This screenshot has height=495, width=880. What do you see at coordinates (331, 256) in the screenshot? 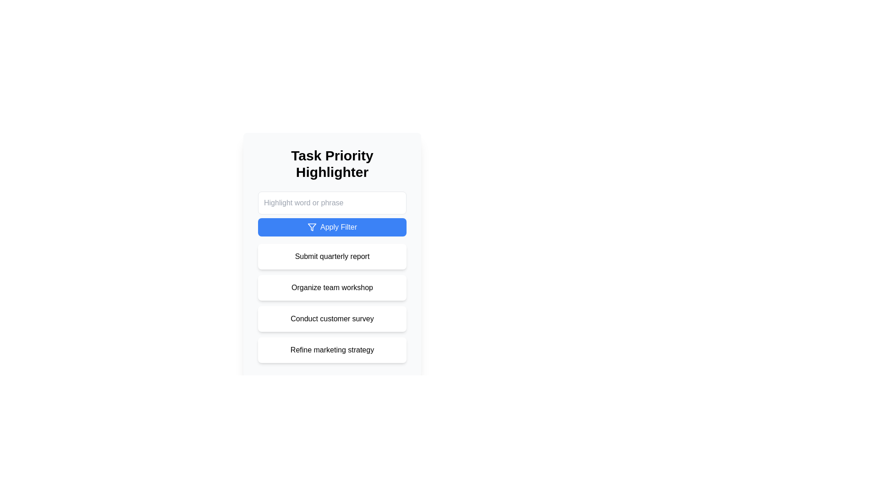
I see `the static text box displaying 'Submit quarterly report', which is the first item in a vertical list below the 'Apply Filter' button` at bounding box center [331, 256].